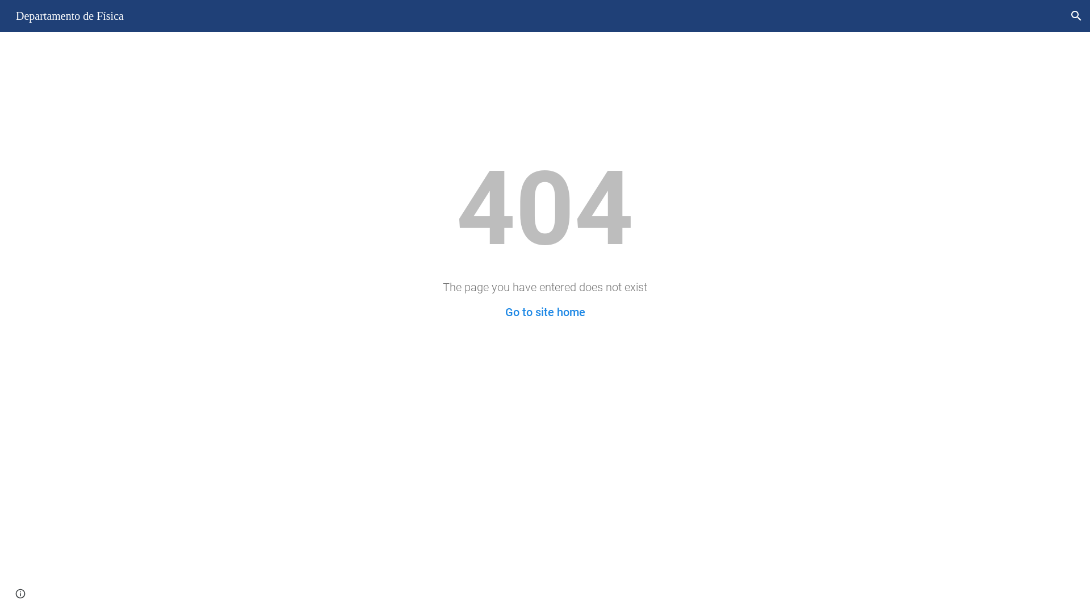 The image size is (1090, 613). What do you see at coordinates (545, 312) in the screenshot?
I see `'Go to site home'` at bounding box center [545, 312].